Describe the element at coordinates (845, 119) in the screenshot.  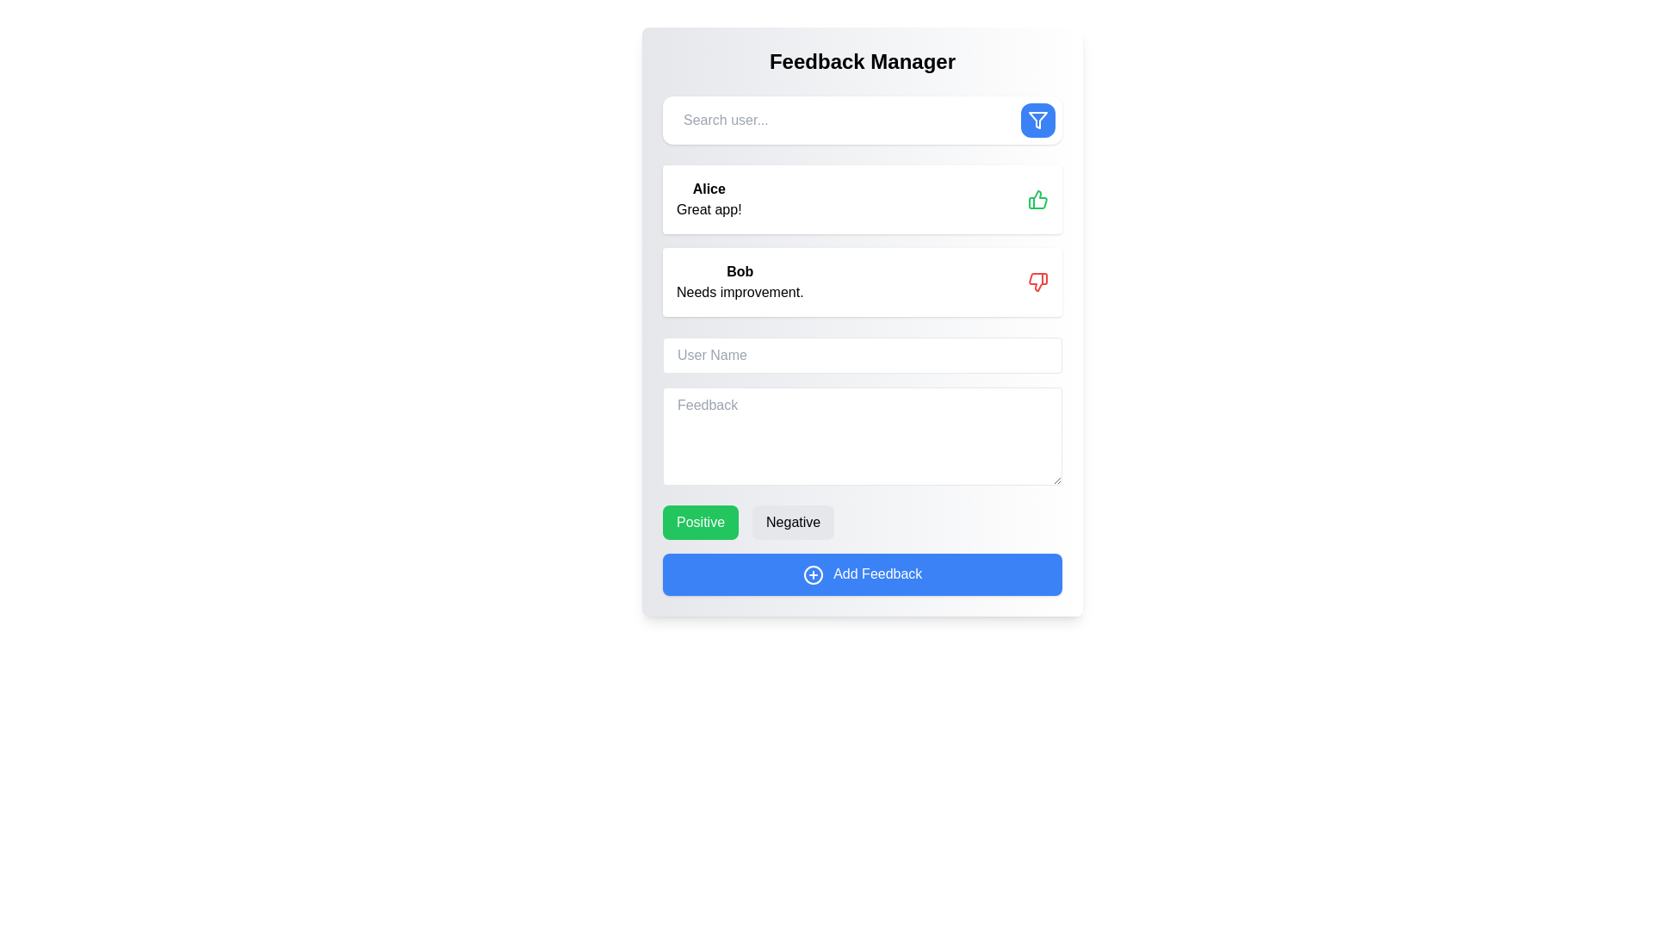
I see `the searchable input field labeled with the placeholder 'Search user...' to focus it for user input` at that location.